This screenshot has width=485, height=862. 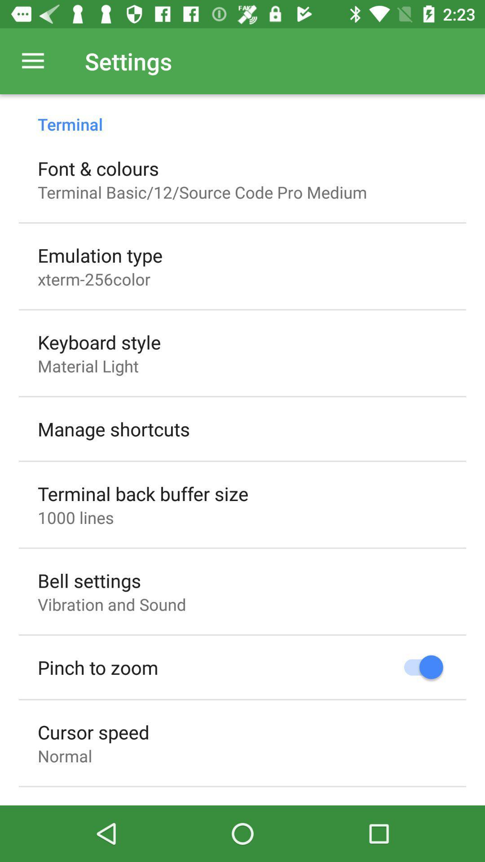 I want to click on the icon above 1000 lines icon, so click(x=142, y=493).